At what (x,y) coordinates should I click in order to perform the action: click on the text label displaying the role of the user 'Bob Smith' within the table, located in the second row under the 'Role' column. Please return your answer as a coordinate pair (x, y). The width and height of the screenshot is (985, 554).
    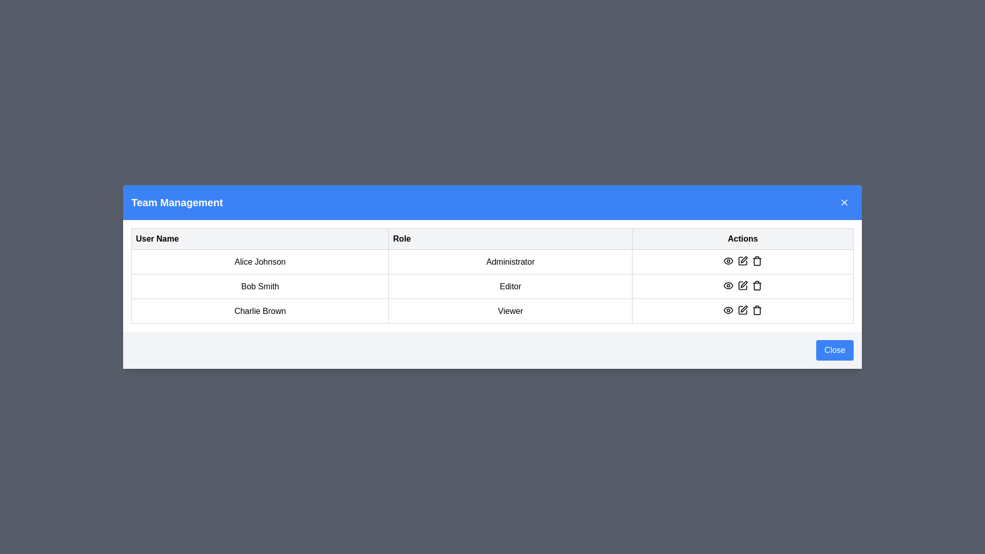
    Looking at the image, I should click on (510, 286).